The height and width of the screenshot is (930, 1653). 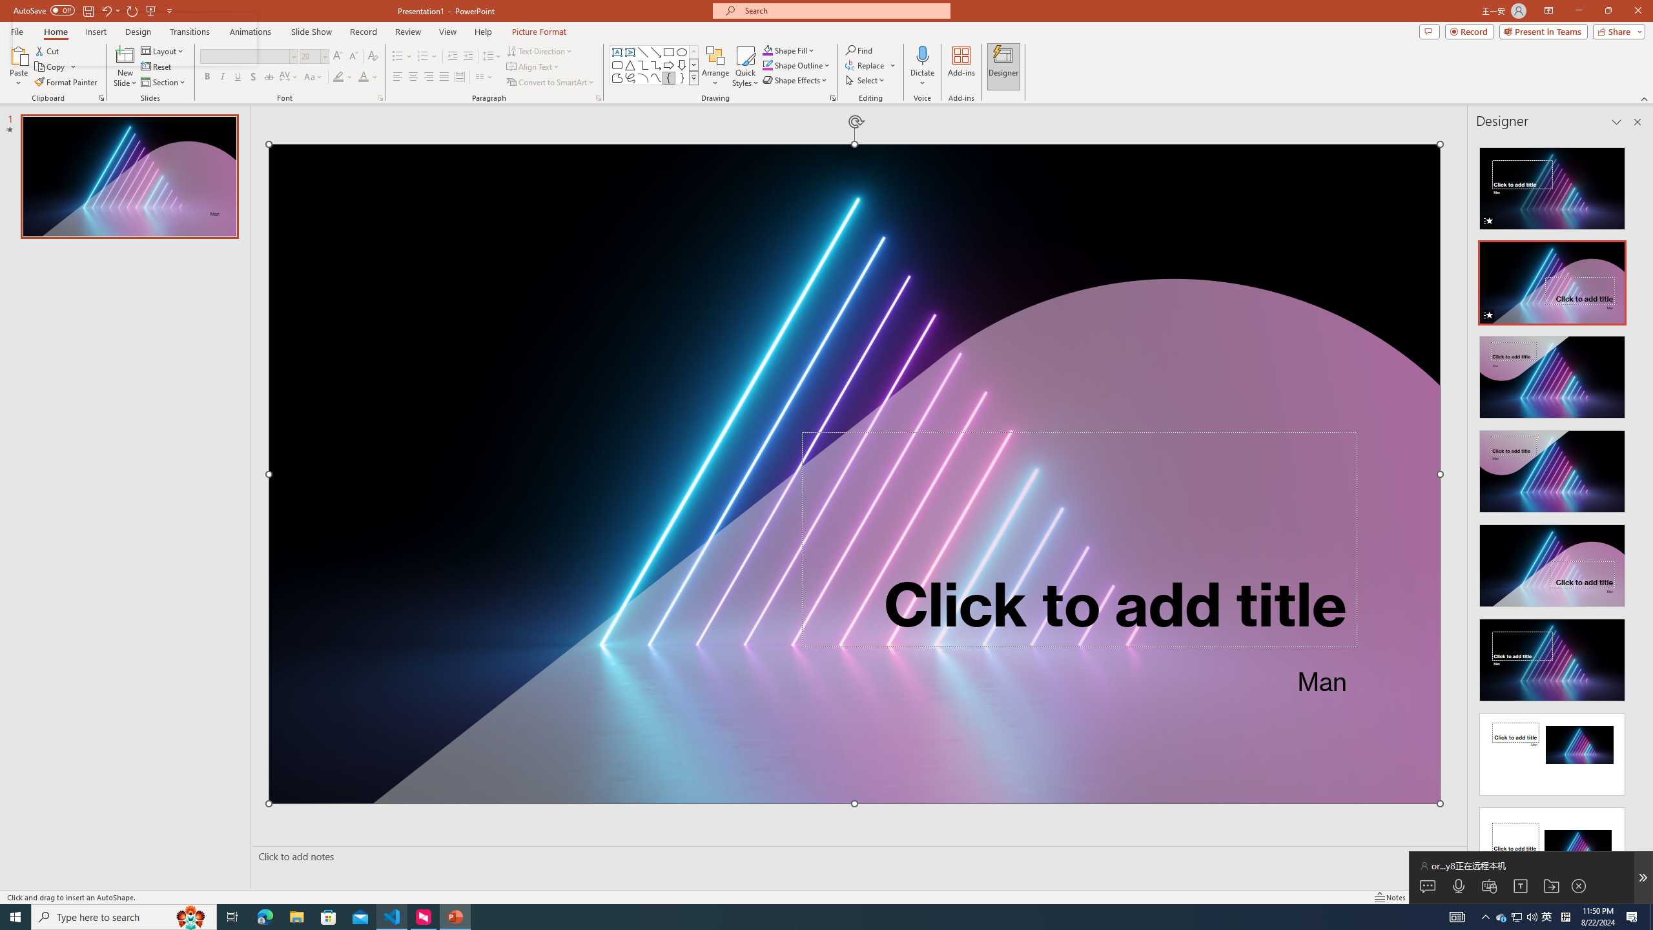 I want to click on 'Font', so click(x=244, y=56).